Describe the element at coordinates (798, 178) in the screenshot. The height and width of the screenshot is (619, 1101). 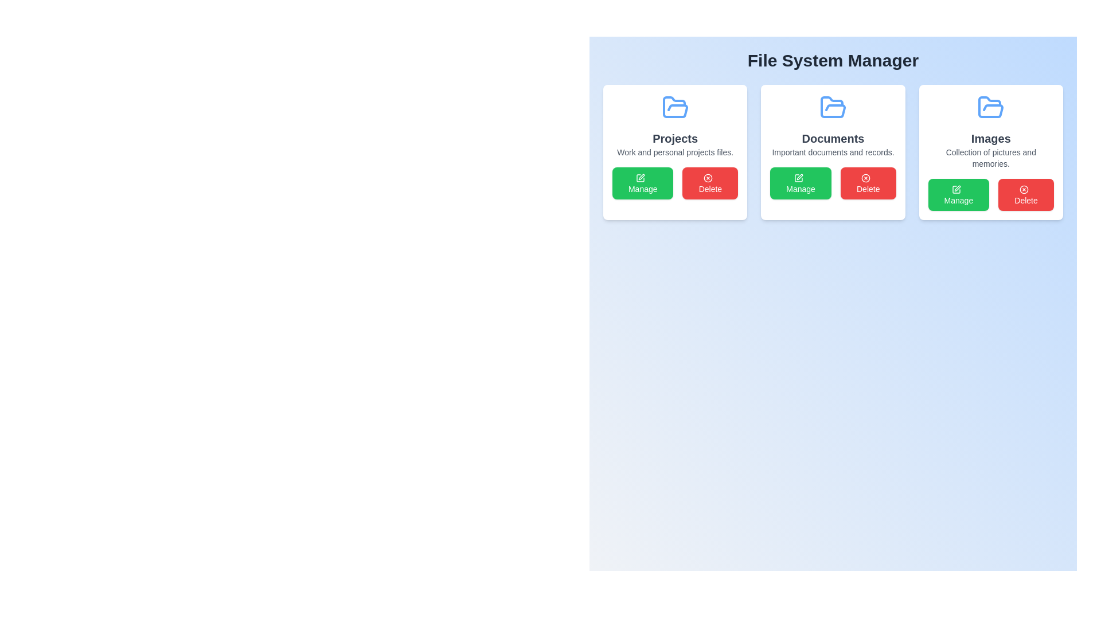
I see `the small SVG pen icon located to the left of the 'Manage' text within the 'Manage' button of the 'Documents' card` at that location.